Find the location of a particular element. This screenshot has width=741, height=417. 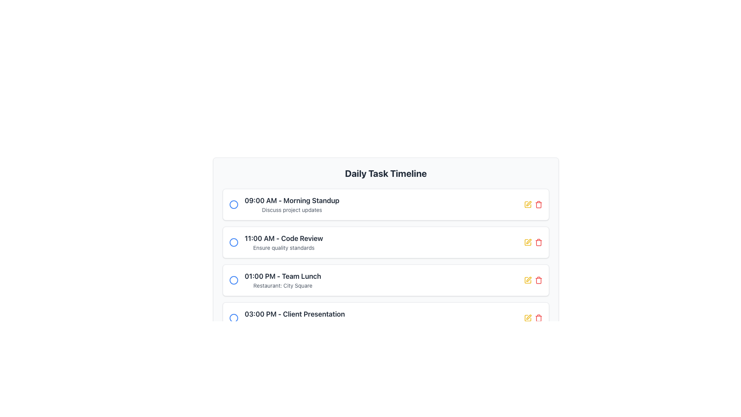

the task entry with the blue circular icon and text '03:00 PM - Client Presentation' is located at coordinates (287, 318).